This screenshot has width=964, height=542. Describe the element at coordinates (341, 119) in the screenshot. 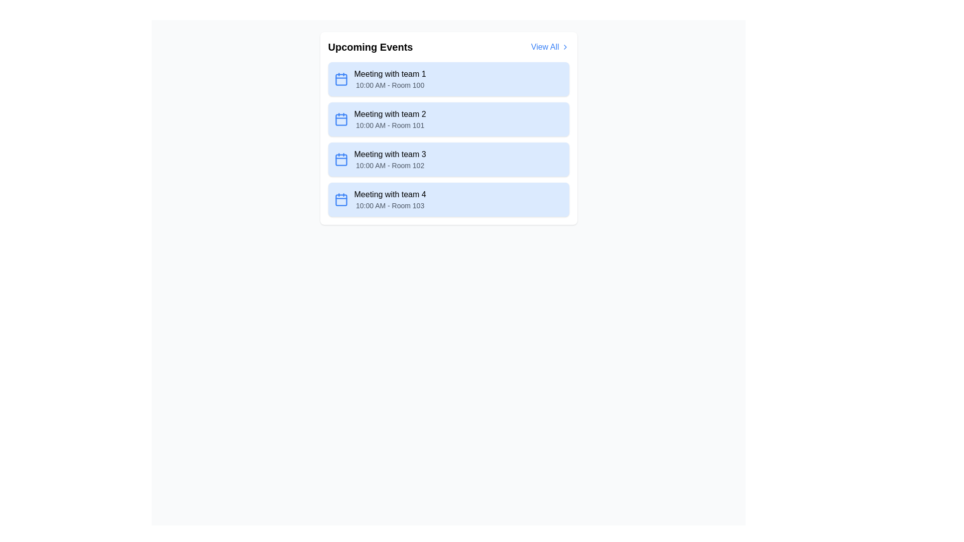

I see `the calendar icon which signifies a scheduled meeting for the 'Meeting with team 2' event located at the leftmost side of the event entry` at that location.